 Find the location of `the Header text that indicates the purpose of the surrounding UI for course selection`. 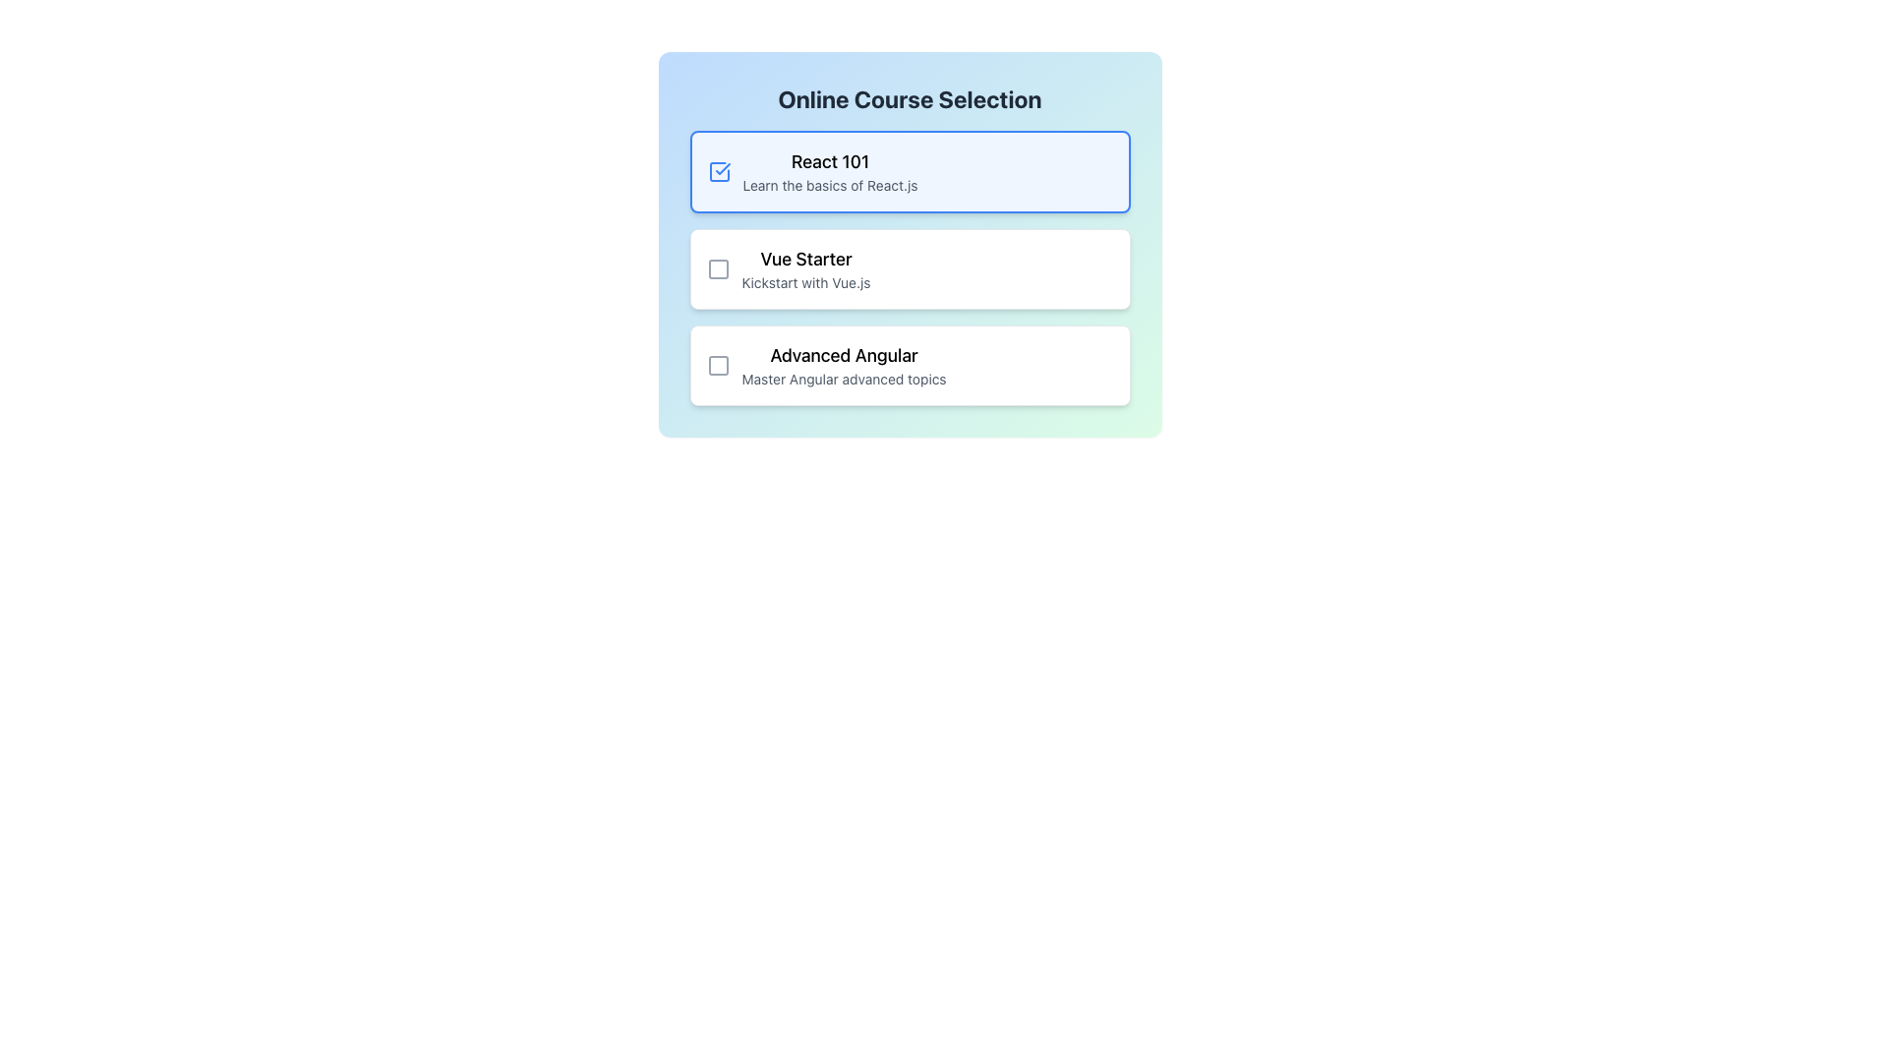

the Header text that indicates the purpose of the surrounding UI for course selection is located at coordinates (909, 98).